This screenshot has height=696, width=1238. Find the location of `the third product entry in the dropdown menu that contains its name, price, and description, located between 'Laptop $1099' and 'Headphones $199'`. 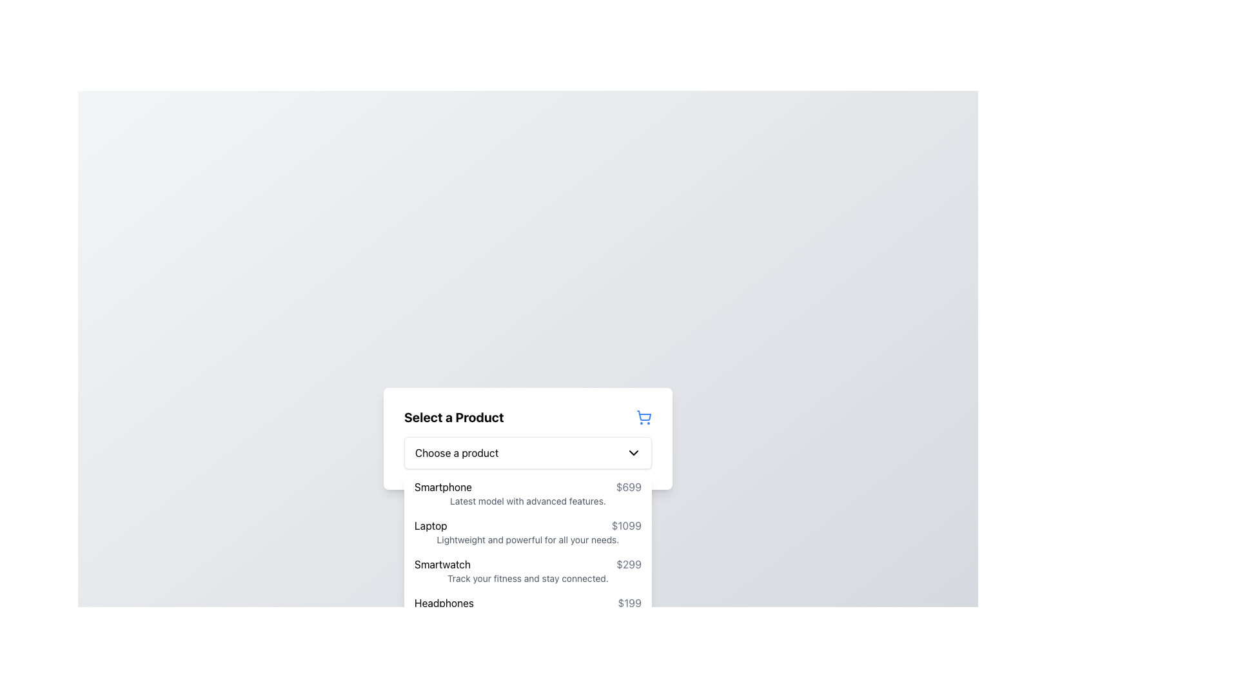

the third product entry in the dropdown menu that contains its name, price, and description, located between 'Laptop $1099' and 'Headphones $199' is located at coordinates (528, 570).